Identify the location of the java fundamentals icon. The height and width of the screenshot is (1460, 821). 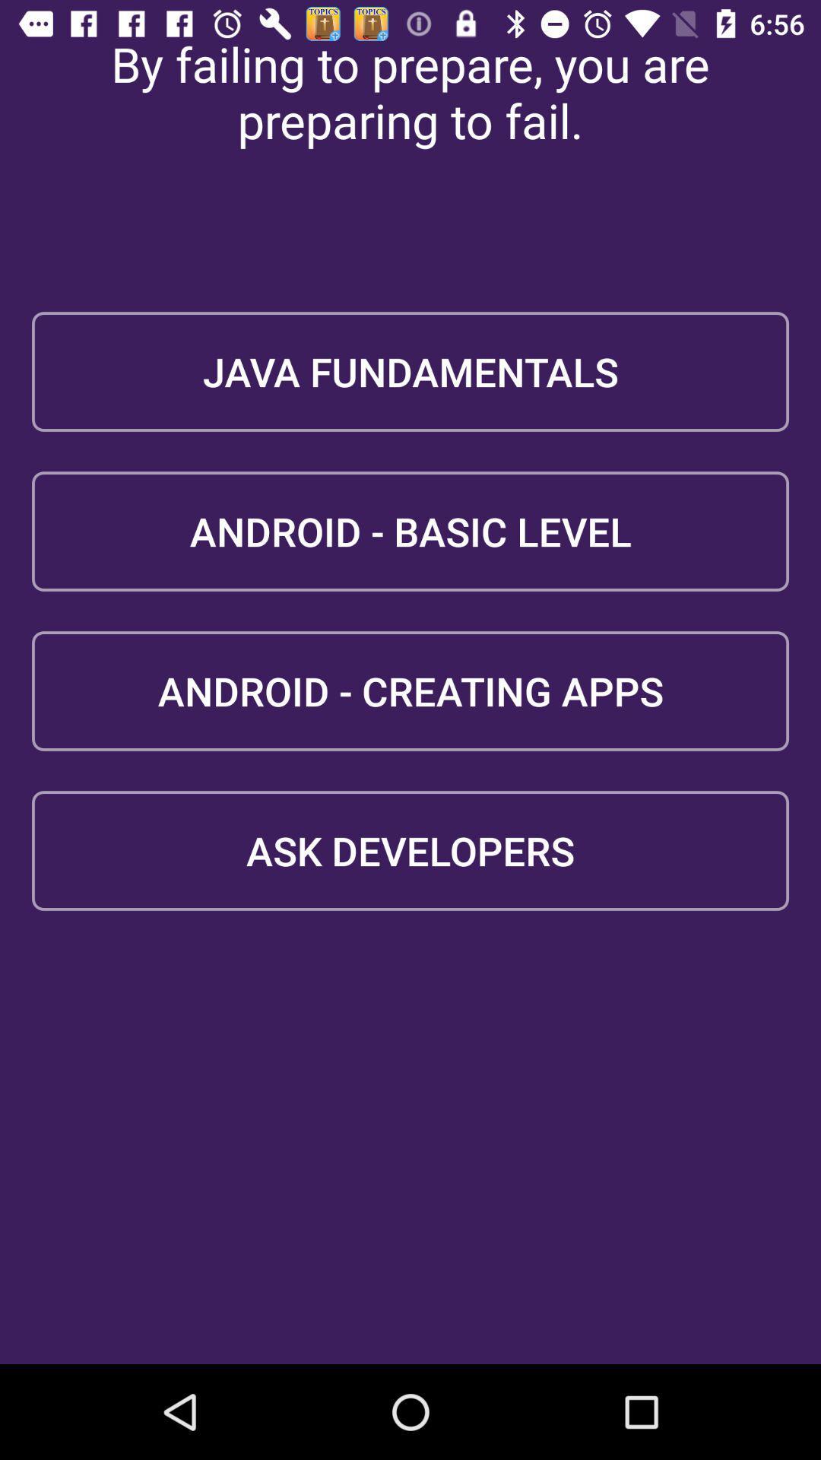
(410, 372).